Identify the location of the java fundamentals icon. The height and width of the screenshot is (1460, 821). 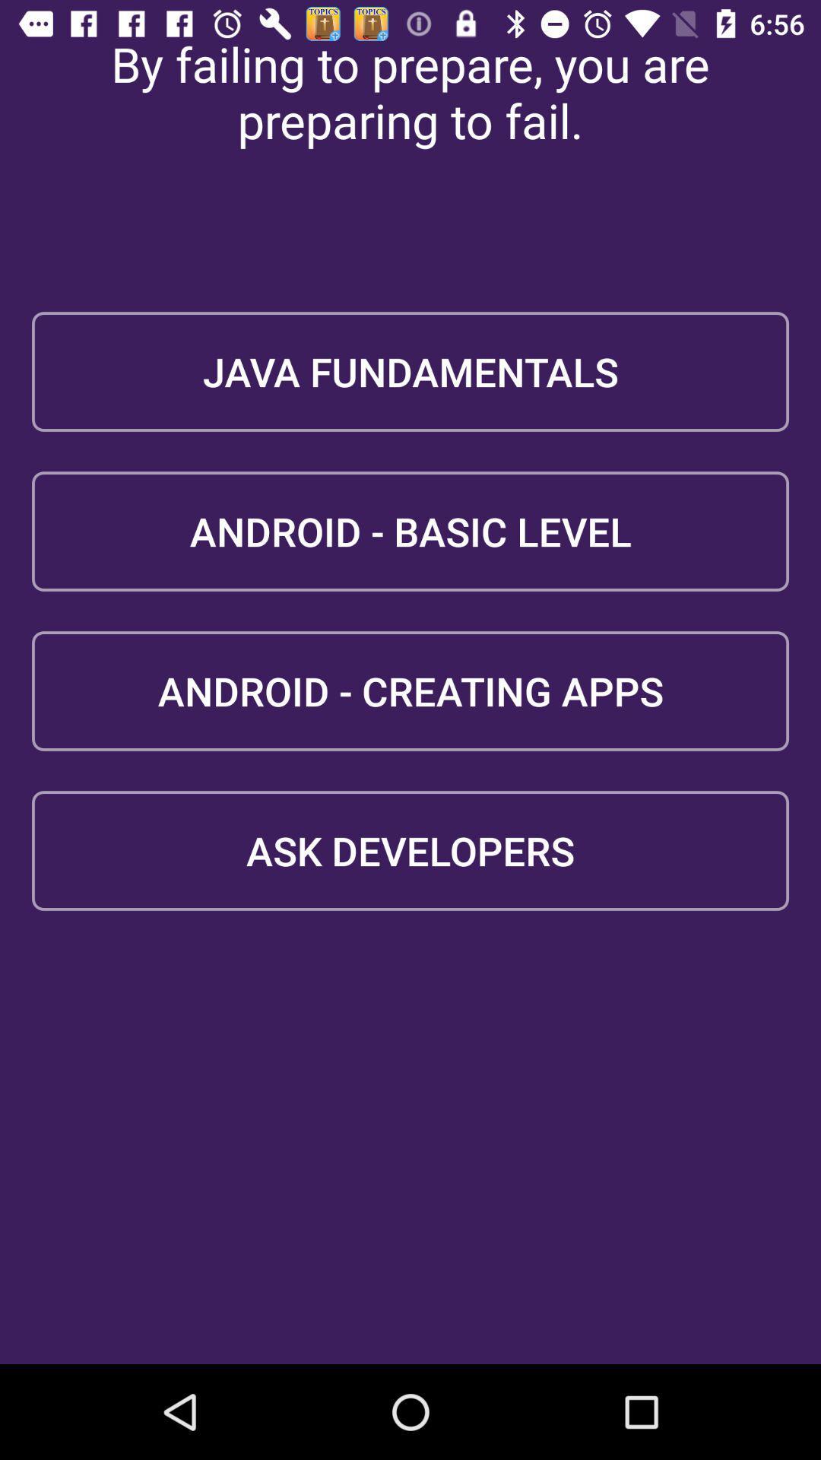
(410, 372).